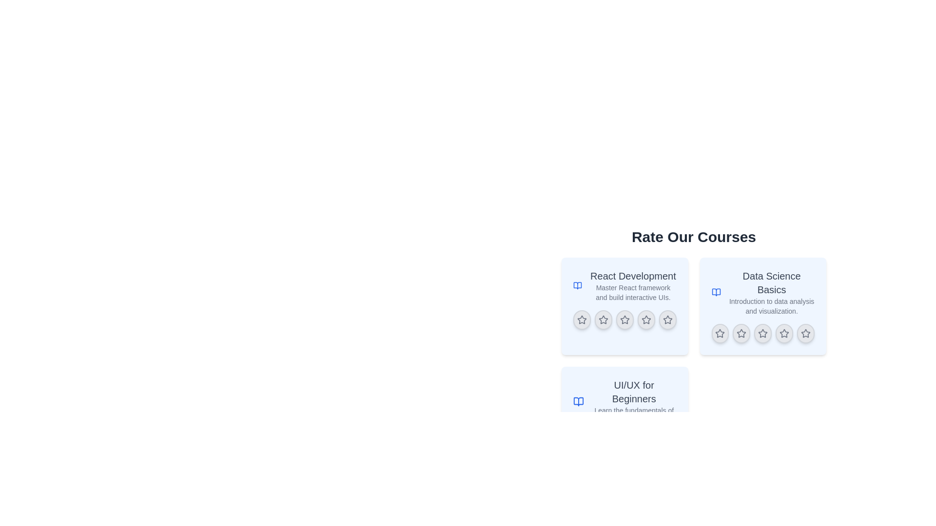  I want to click on the fifth star rating icon for the 'Data Science Basics' course, so click(806, 333).